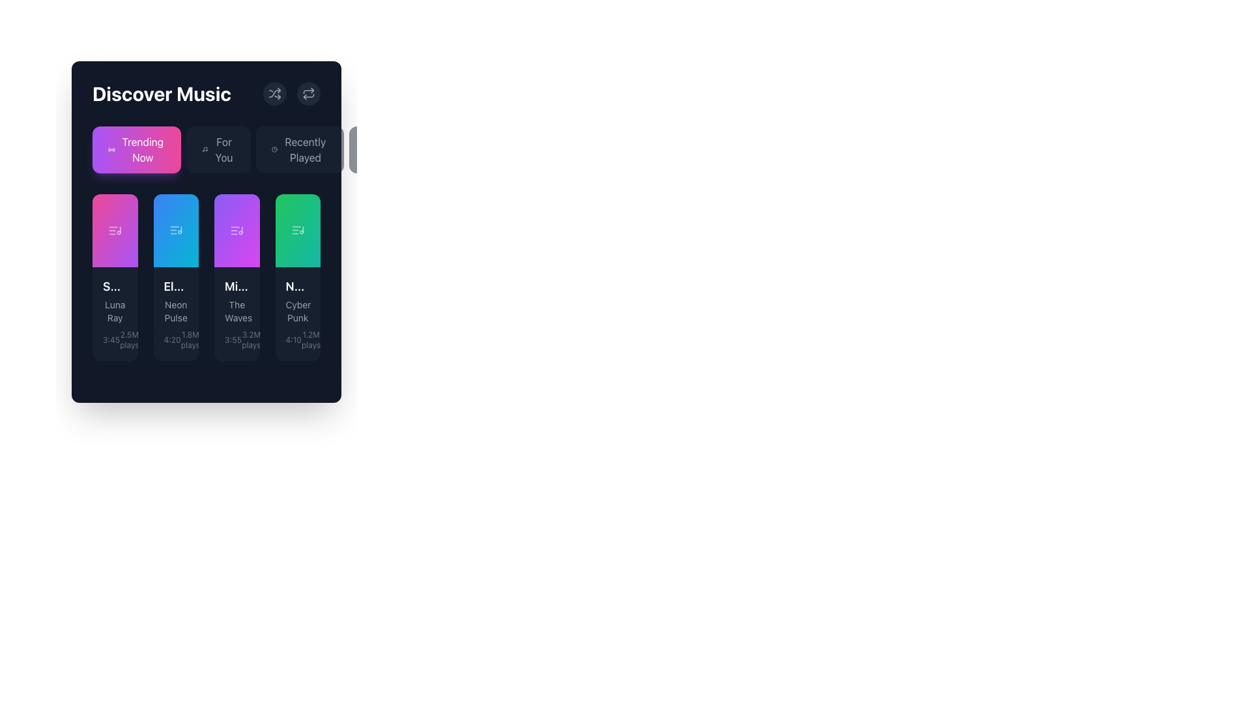 This screenshot has height=704, width=1251. Describe the element at coordinates (115, 276) in the screenshot. I see `the first music item card` at that location.